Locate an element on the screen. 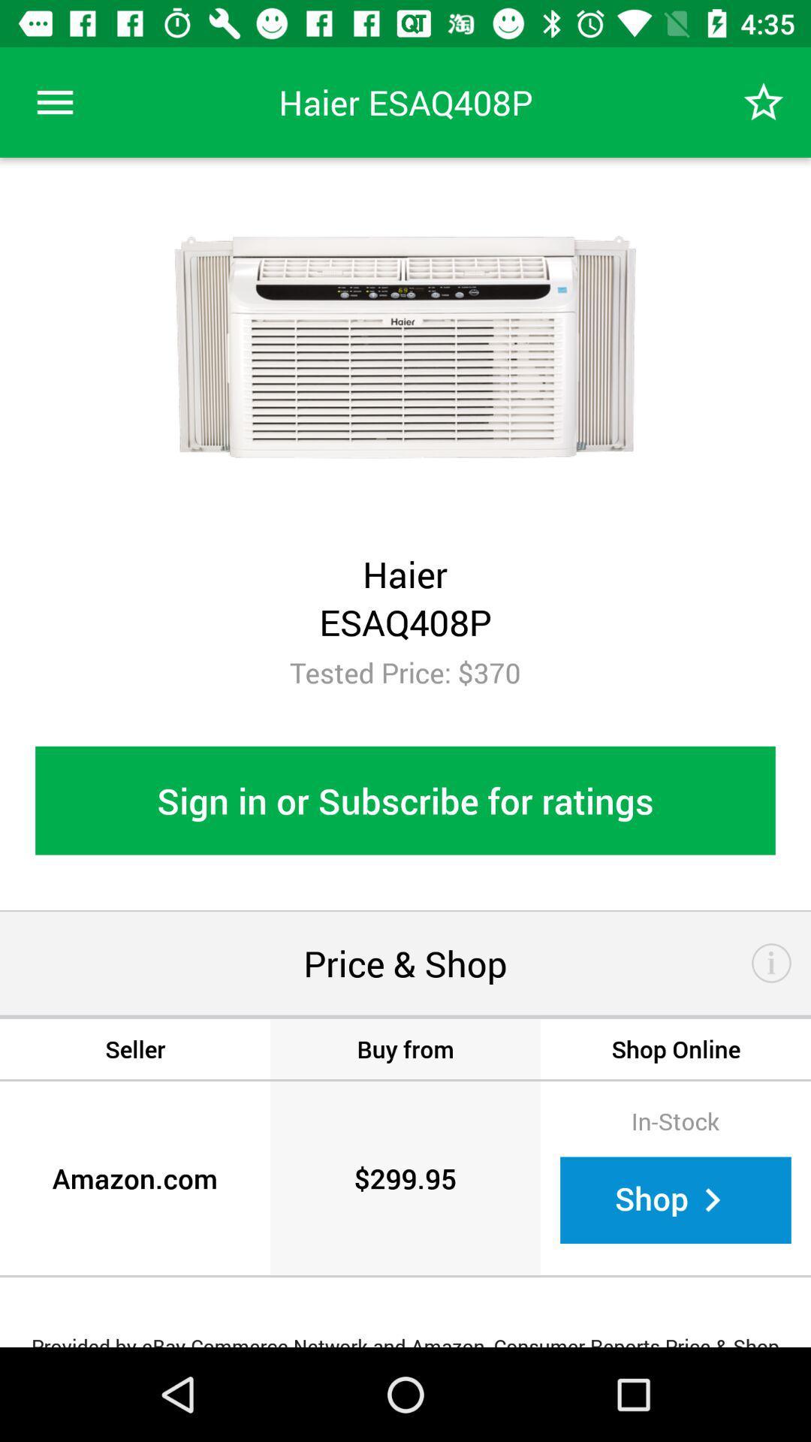 Image resolution: width=811 pixels, height=1442 pixels. icon at the top left corner is located at coordinates (54, 101).